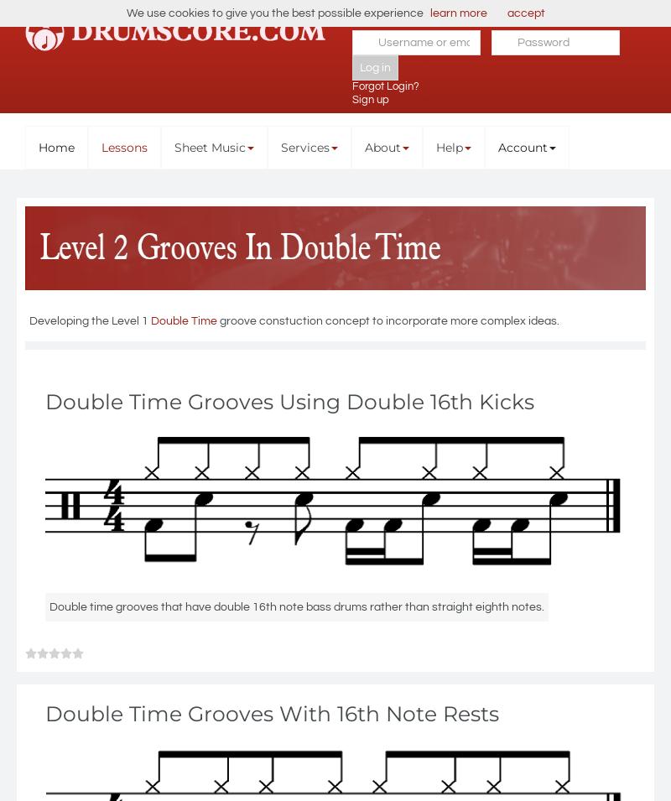 This screenshot has height=801, width=671. What do you see at coordinates (525, 13) in the screenshot?
I see `'accept'` at bounding box center [525, 13].